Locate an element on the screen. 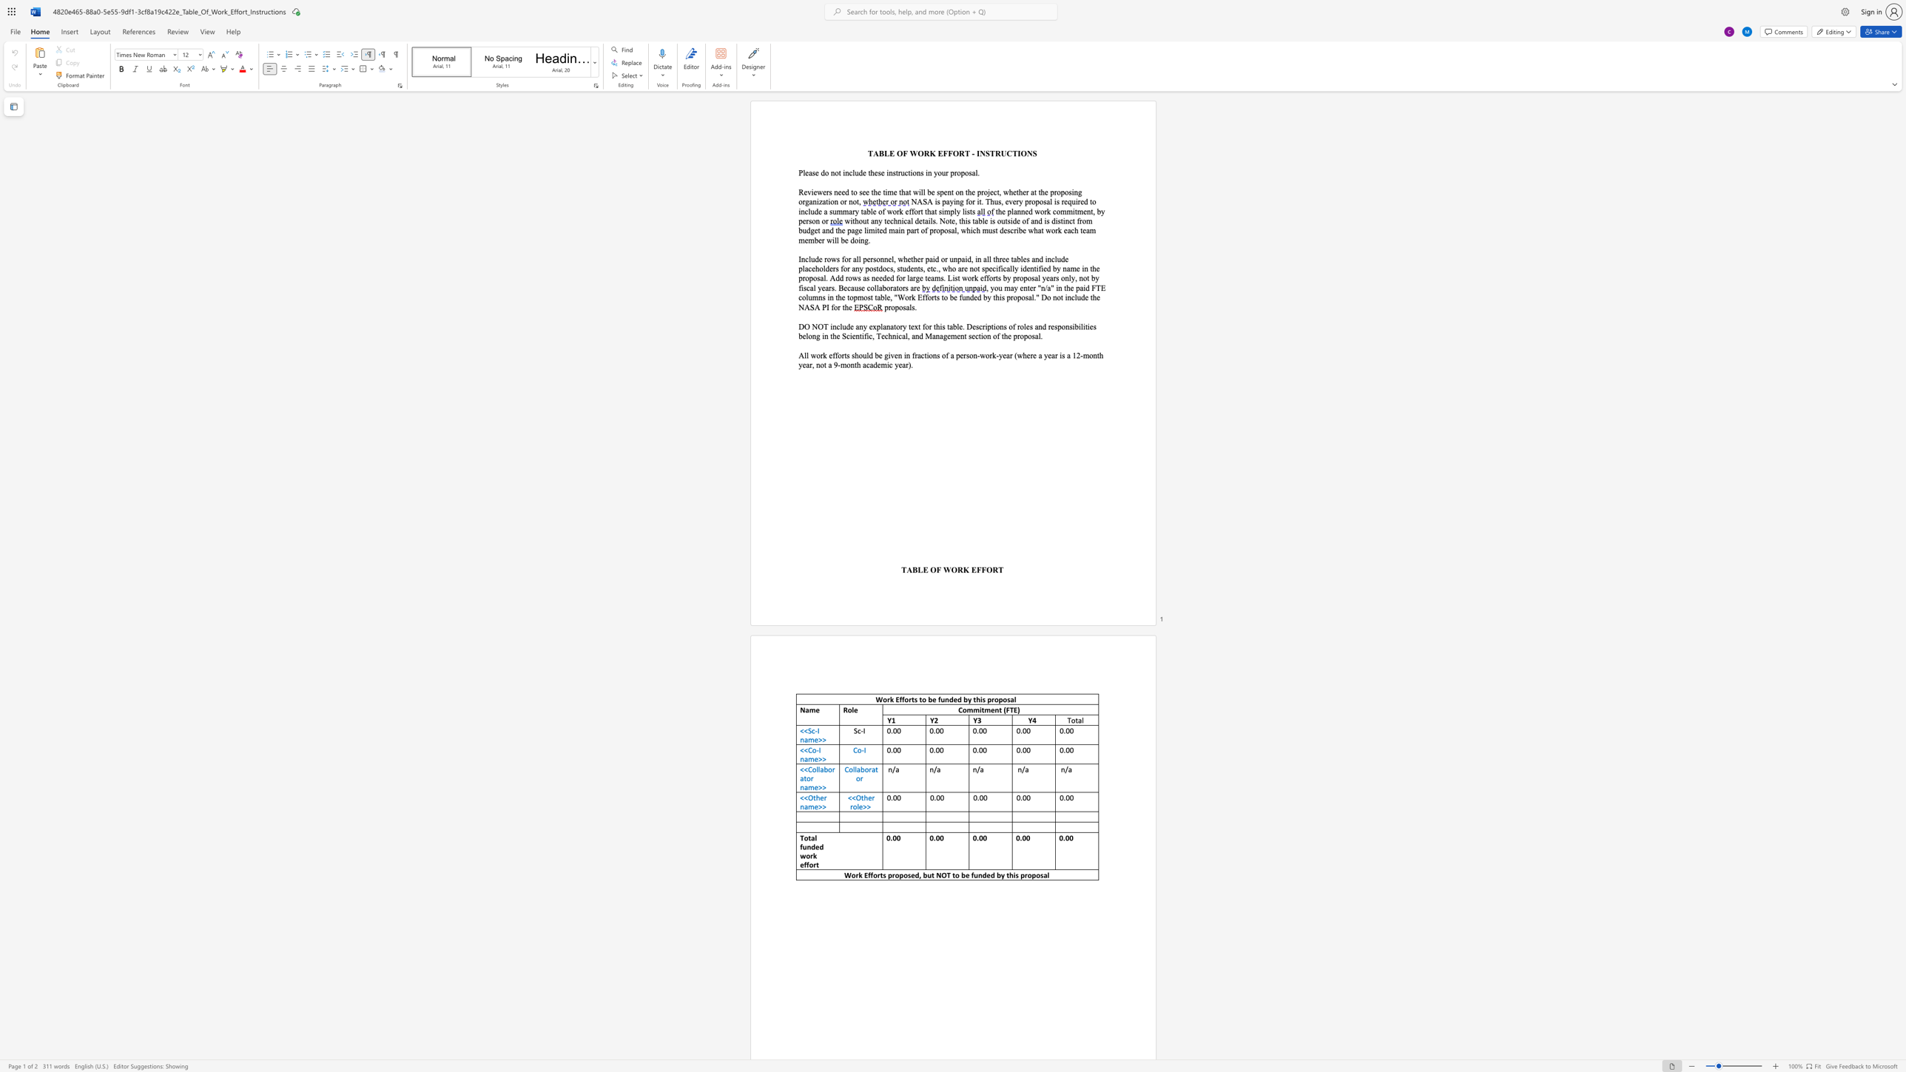 The image size is (1906, 1072). the space between the continuous character "F" and "O" in the text is located at coordinates (986, 569).